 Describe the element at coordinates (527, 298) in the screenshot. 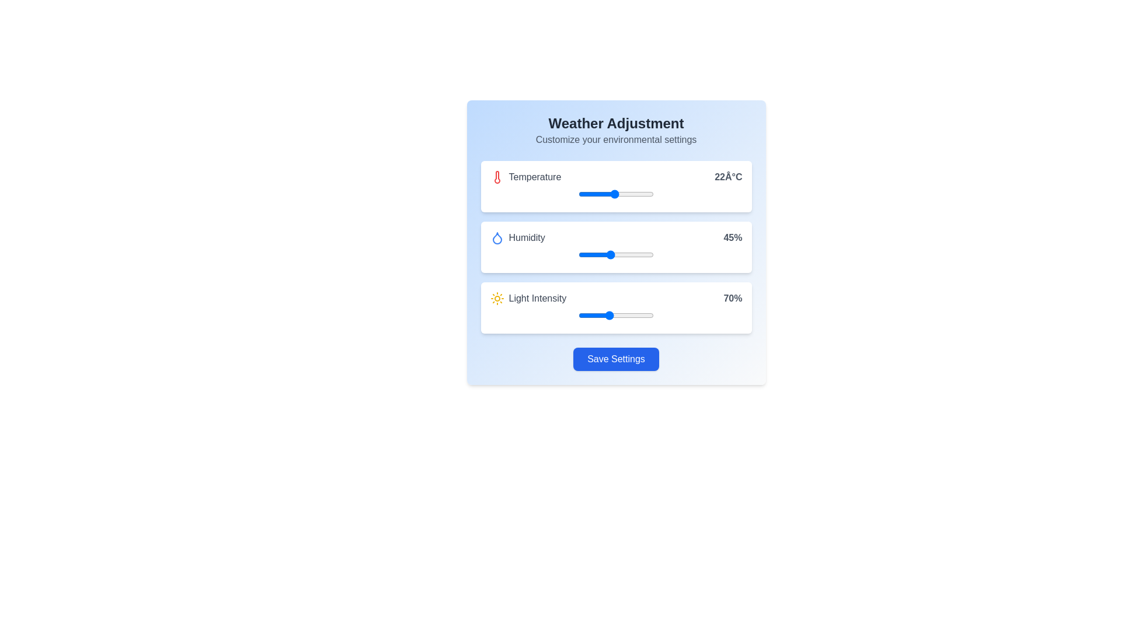

I see `the 'Light Intensity' label with the sun icon, which is located to the left of the '70%' percentage value and above the slider bar` at that location.